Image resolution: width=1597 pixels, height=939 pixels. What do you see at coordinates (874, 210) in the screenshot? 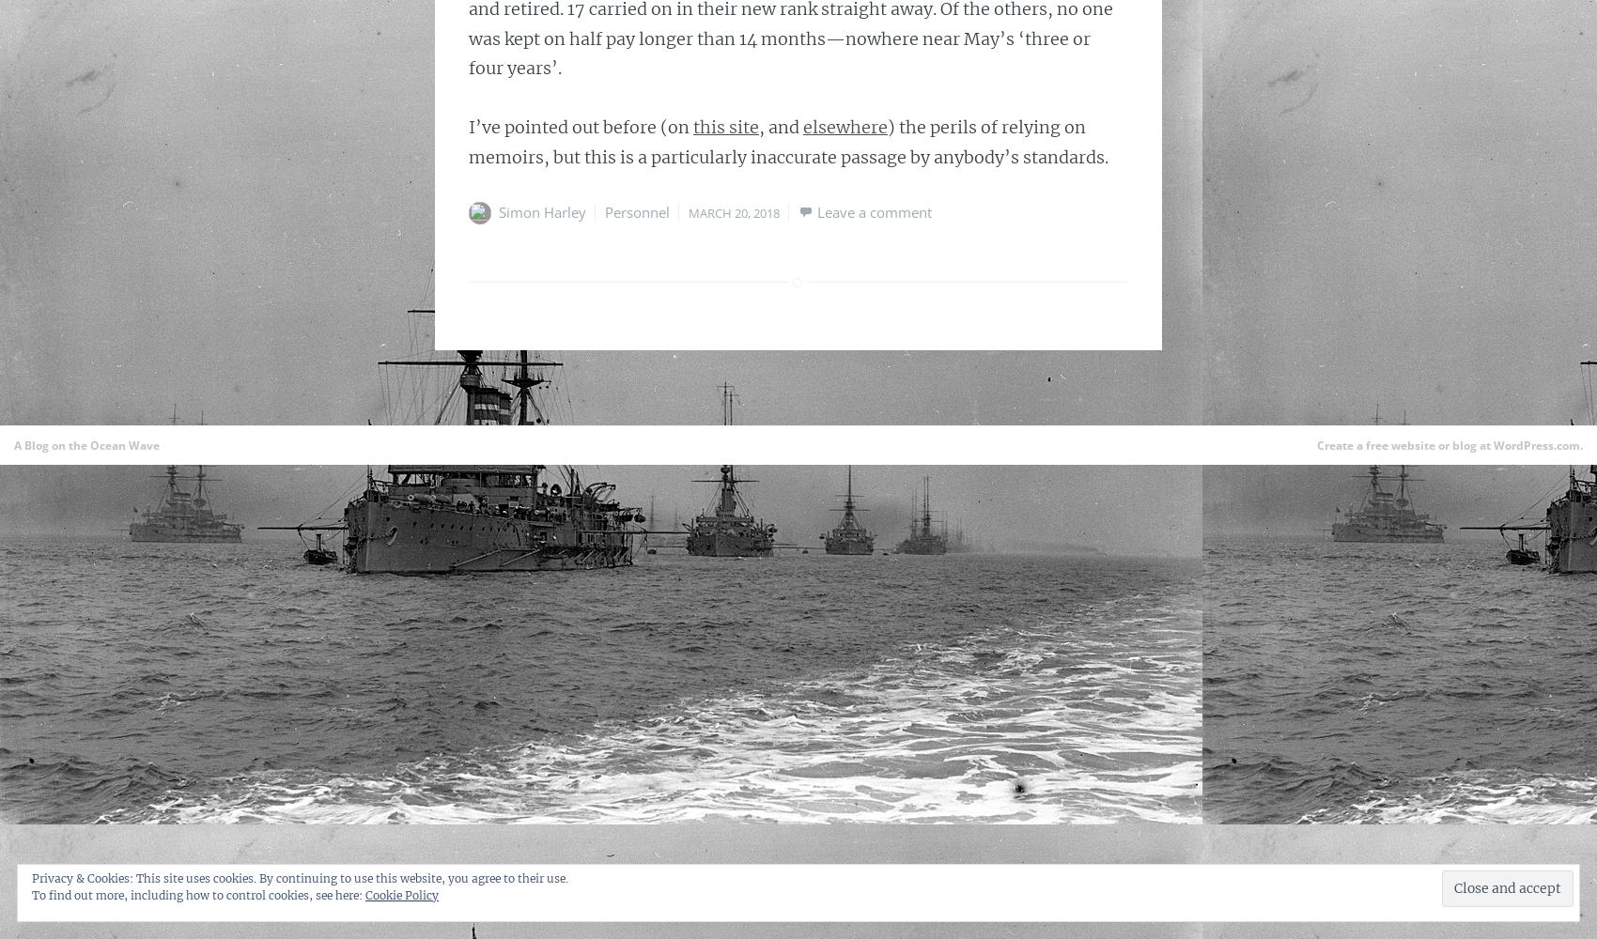
I see `'Leave a comment'` at bounding box center [874, 210].